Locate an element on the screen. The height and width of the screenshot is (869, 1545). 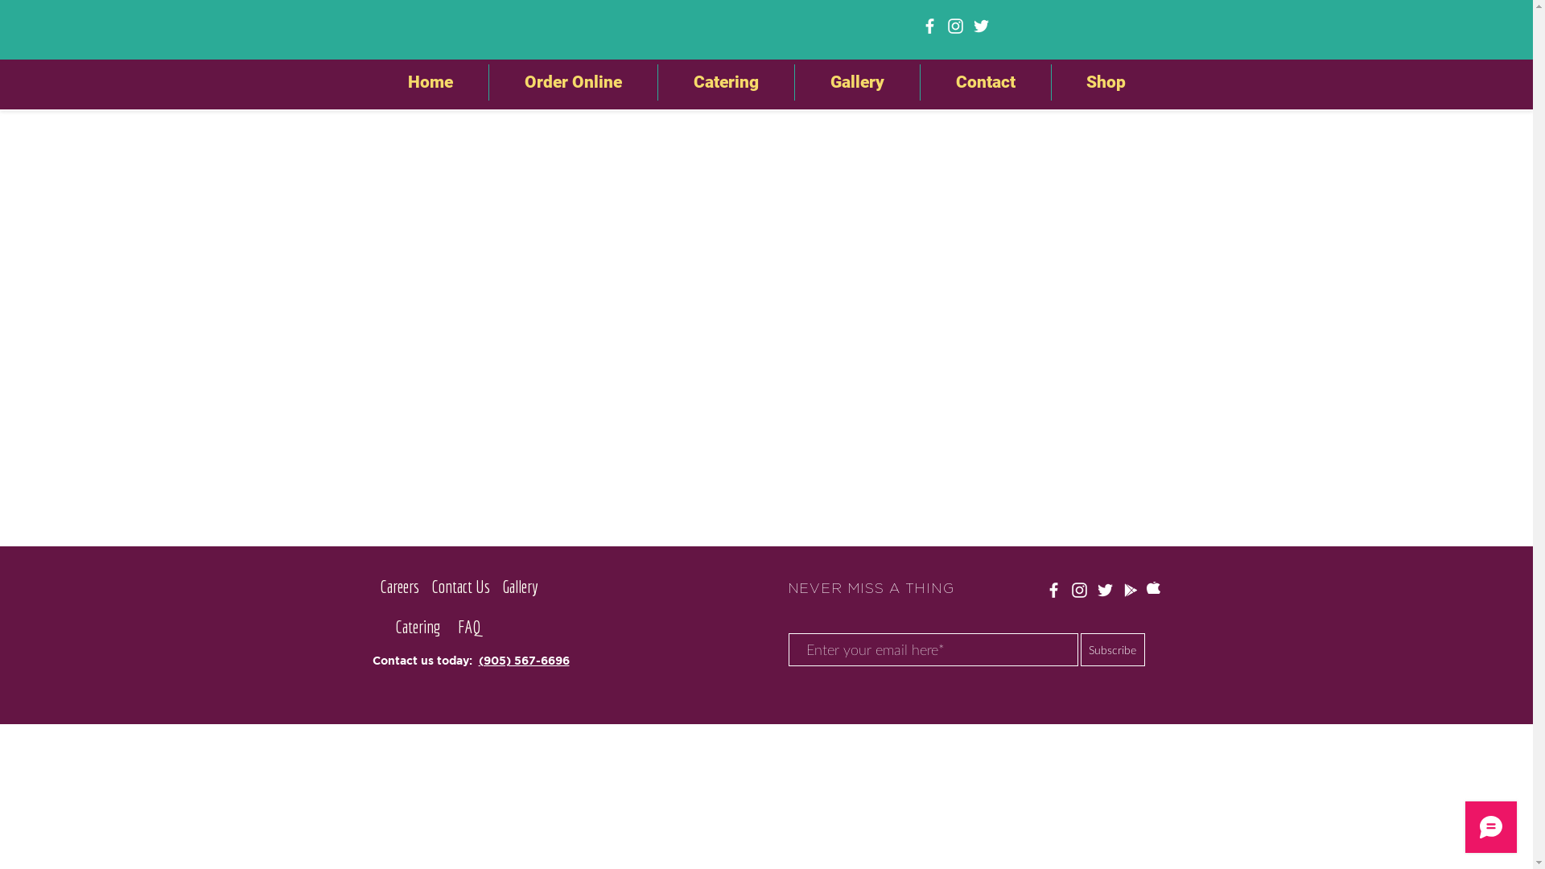
'Order Online' is located at coordinates (573, 82).